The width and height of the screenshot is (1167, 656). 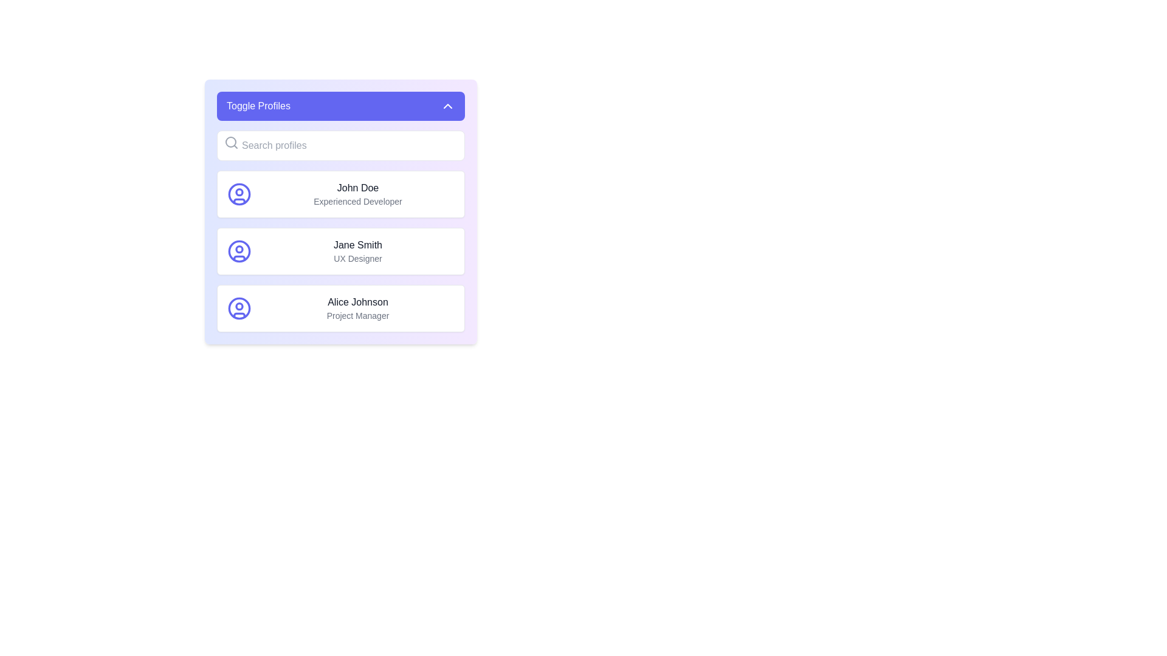 What do you see at coordinates (239, 315) in the screenshot?
I see `the lower portion of the user profile icon representing Alice Johnson in the SVG graphic` at bounding box center [239, 315].